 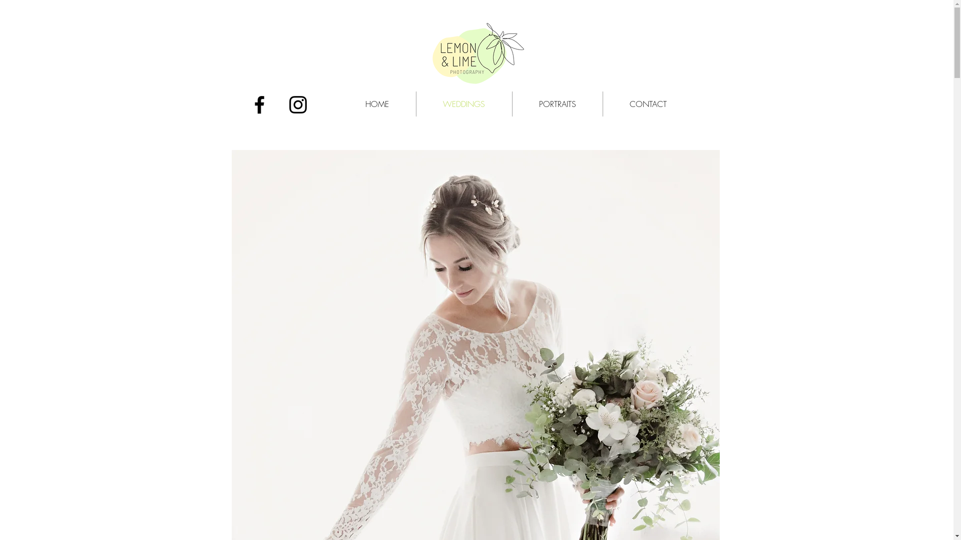 I want to click on 'CONTACT', so click(x=648, y=104).